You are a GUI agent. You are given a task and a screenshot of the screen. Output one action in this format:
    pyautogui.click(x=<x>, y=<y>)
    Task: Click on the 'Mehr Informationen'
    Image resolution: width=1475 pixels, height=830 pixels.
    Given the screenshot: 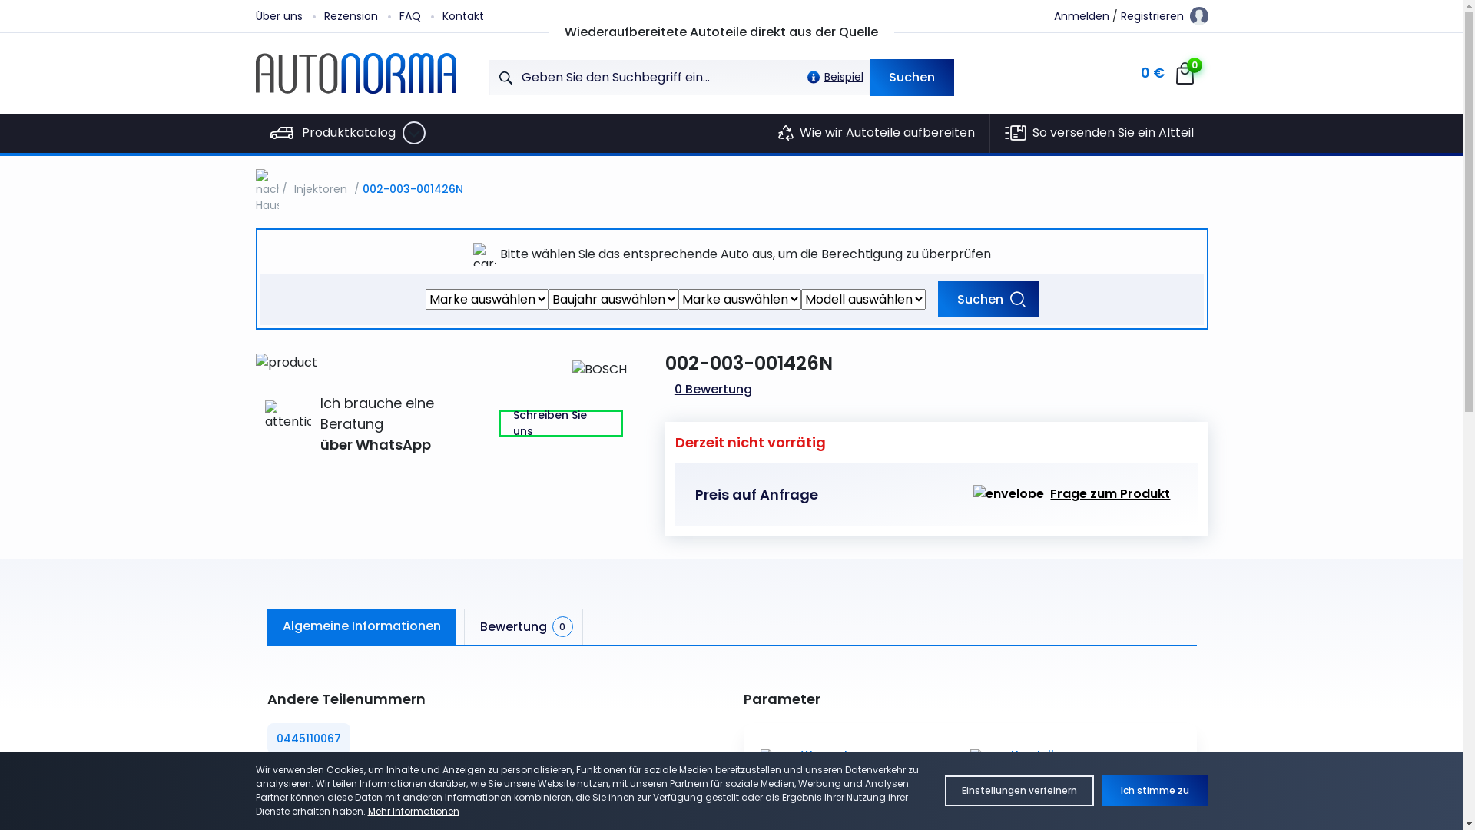 What is the action you would take?
    pyautogui.click(x=413, y=810)
    